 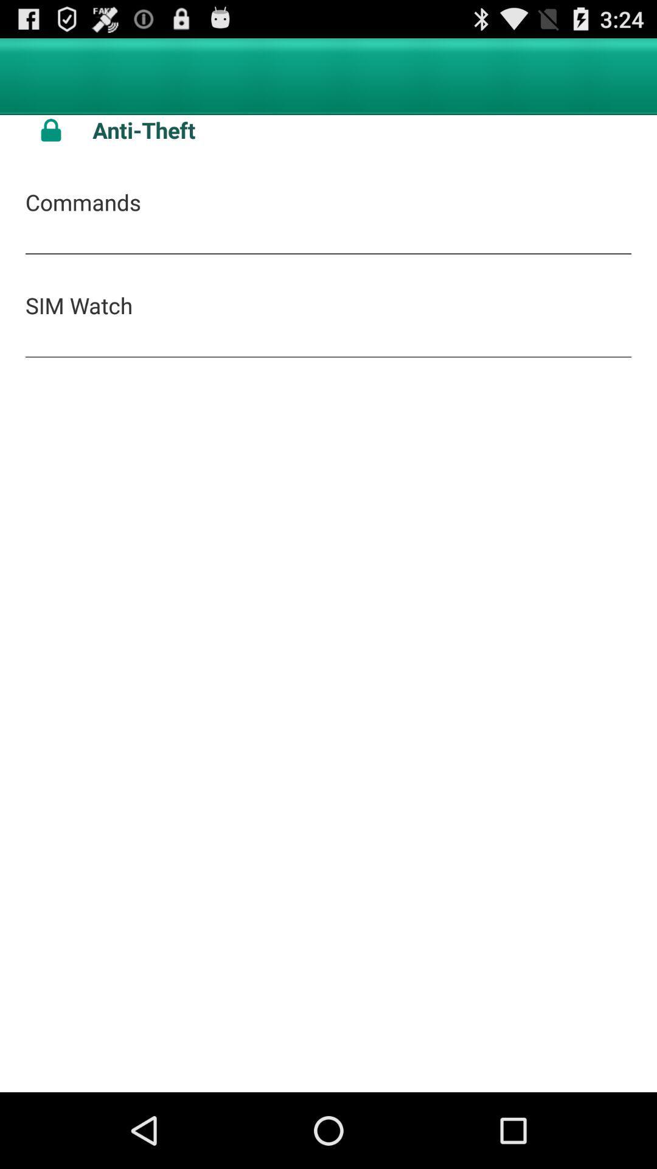 I want to click on item above the sim watch item, so click(x=82, y=202).